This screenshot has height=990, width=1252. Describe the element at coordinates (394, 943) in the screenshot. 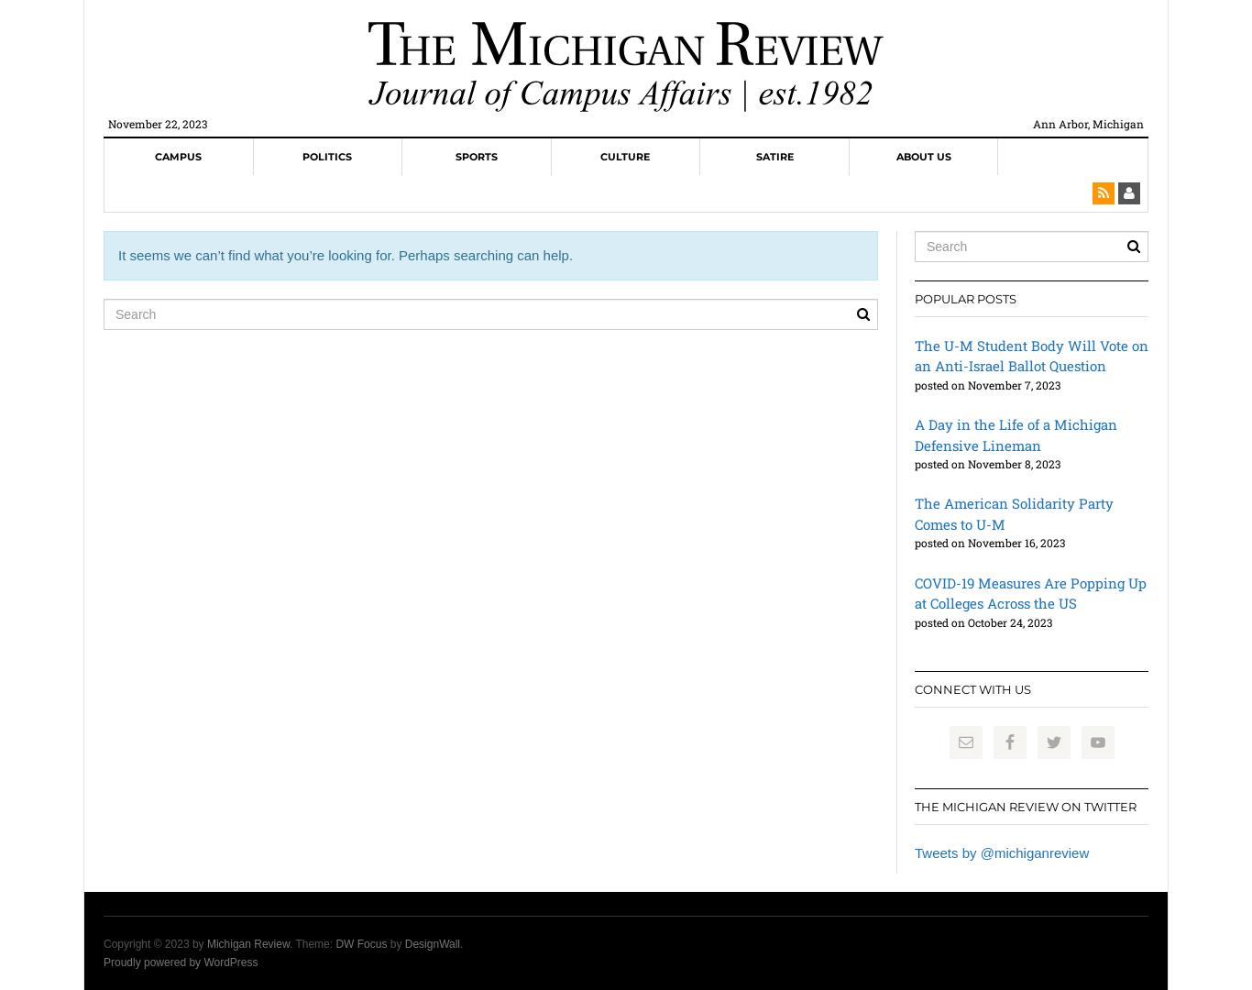

I see `'by'` at that location.